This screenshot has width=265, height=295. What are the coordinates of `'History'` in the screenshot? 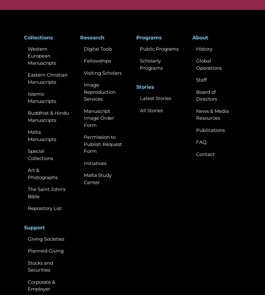 It's located at (196, 48).